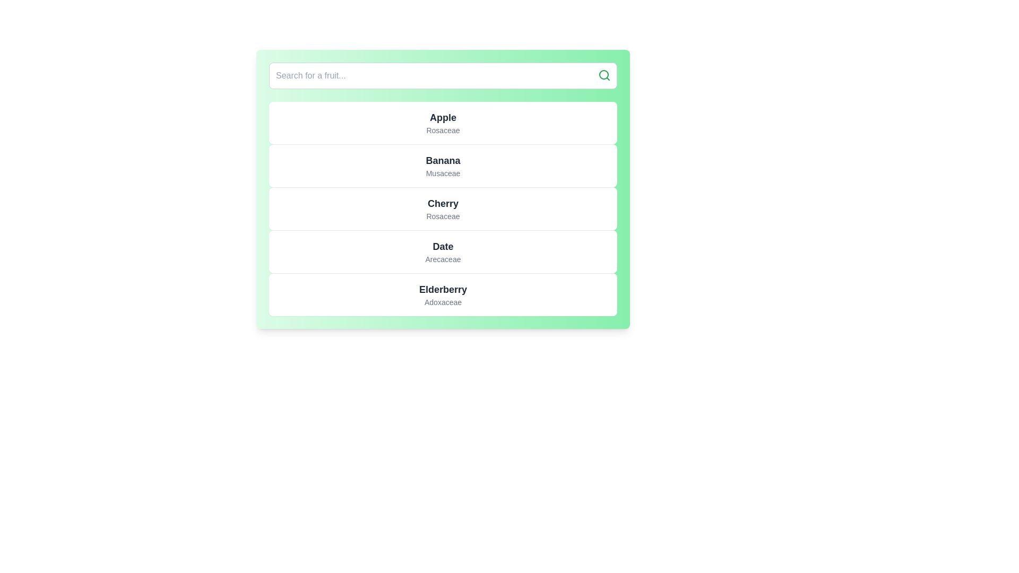  Describe the element at coordinates (443, 216) in the screenshot. I see `the text element displaying 'Rosaceae', which is located below the header 'Cherry' in a white card-like item` at that location.